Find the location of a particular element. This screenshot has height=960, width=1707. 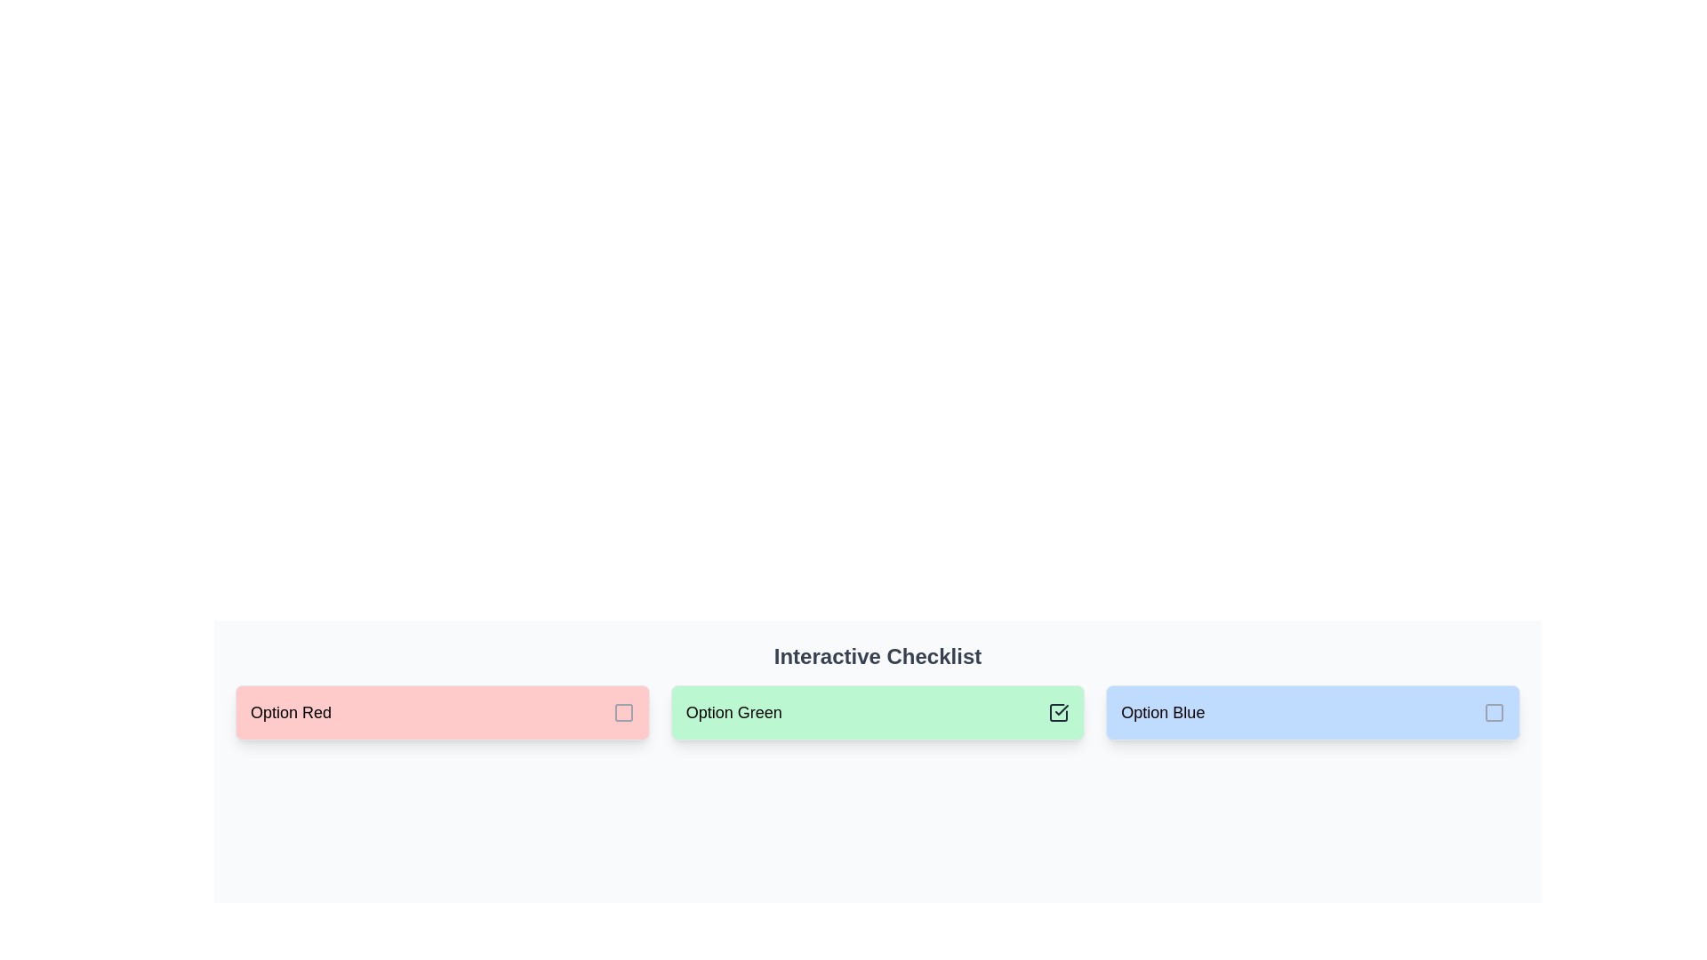

the bold text header labeled 'Interactive Checklist' located at the top of the checklist interface section is located at coordinates (878, 657).